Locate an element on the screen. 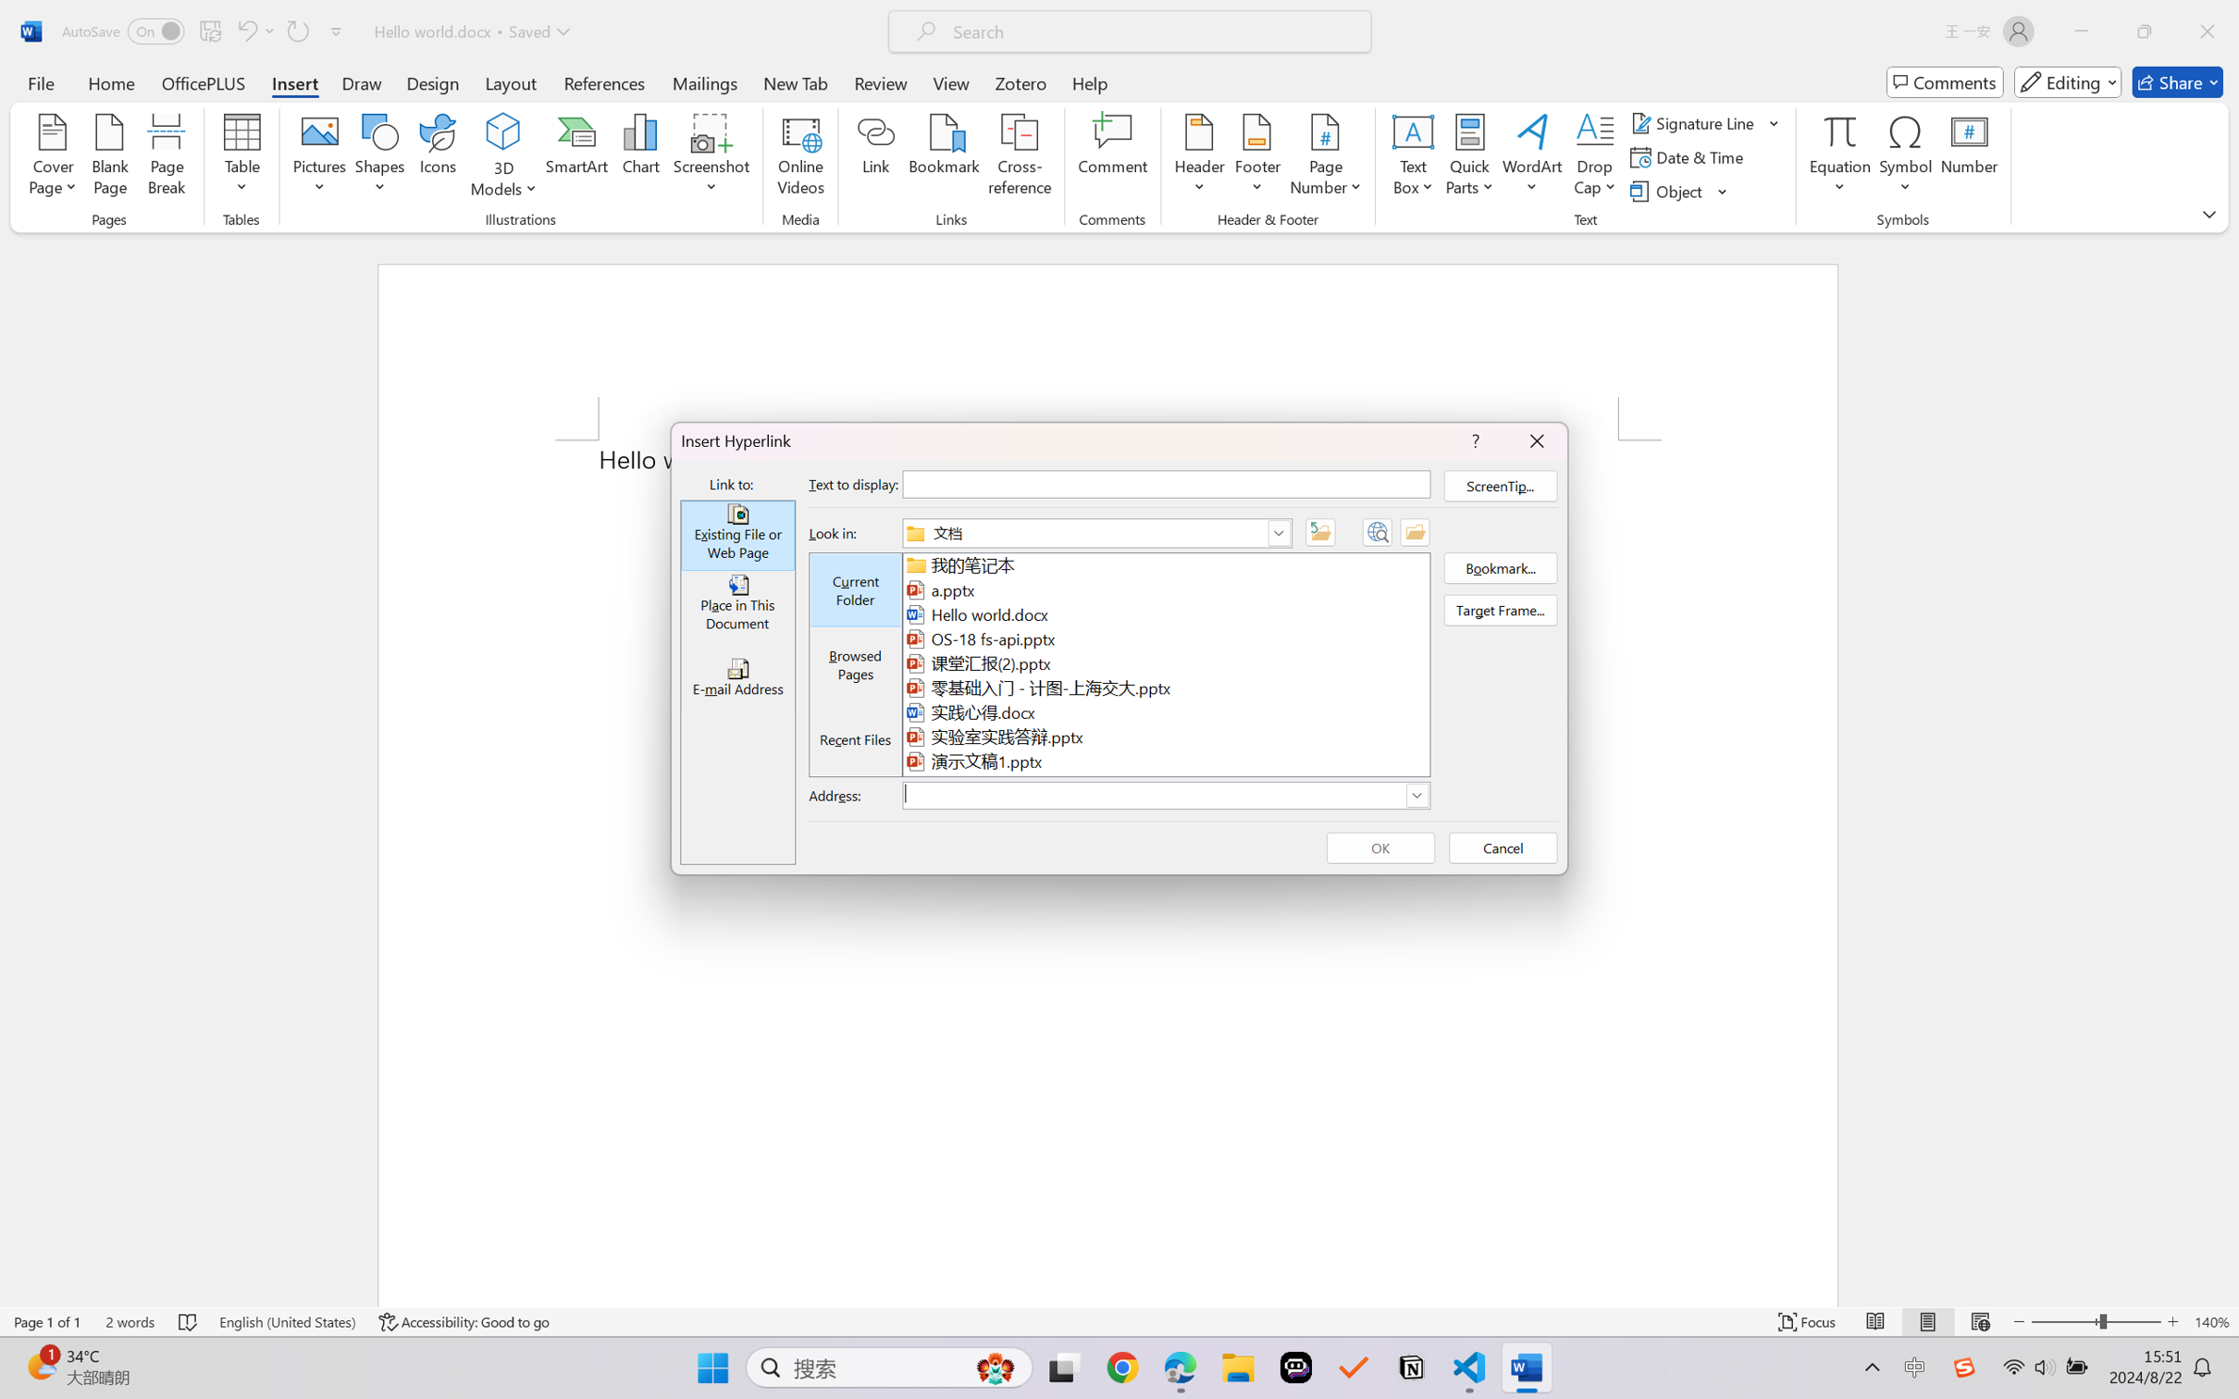 The image size is (2239, 1399). 'Current Folder' is located at coordinates (856, 591).